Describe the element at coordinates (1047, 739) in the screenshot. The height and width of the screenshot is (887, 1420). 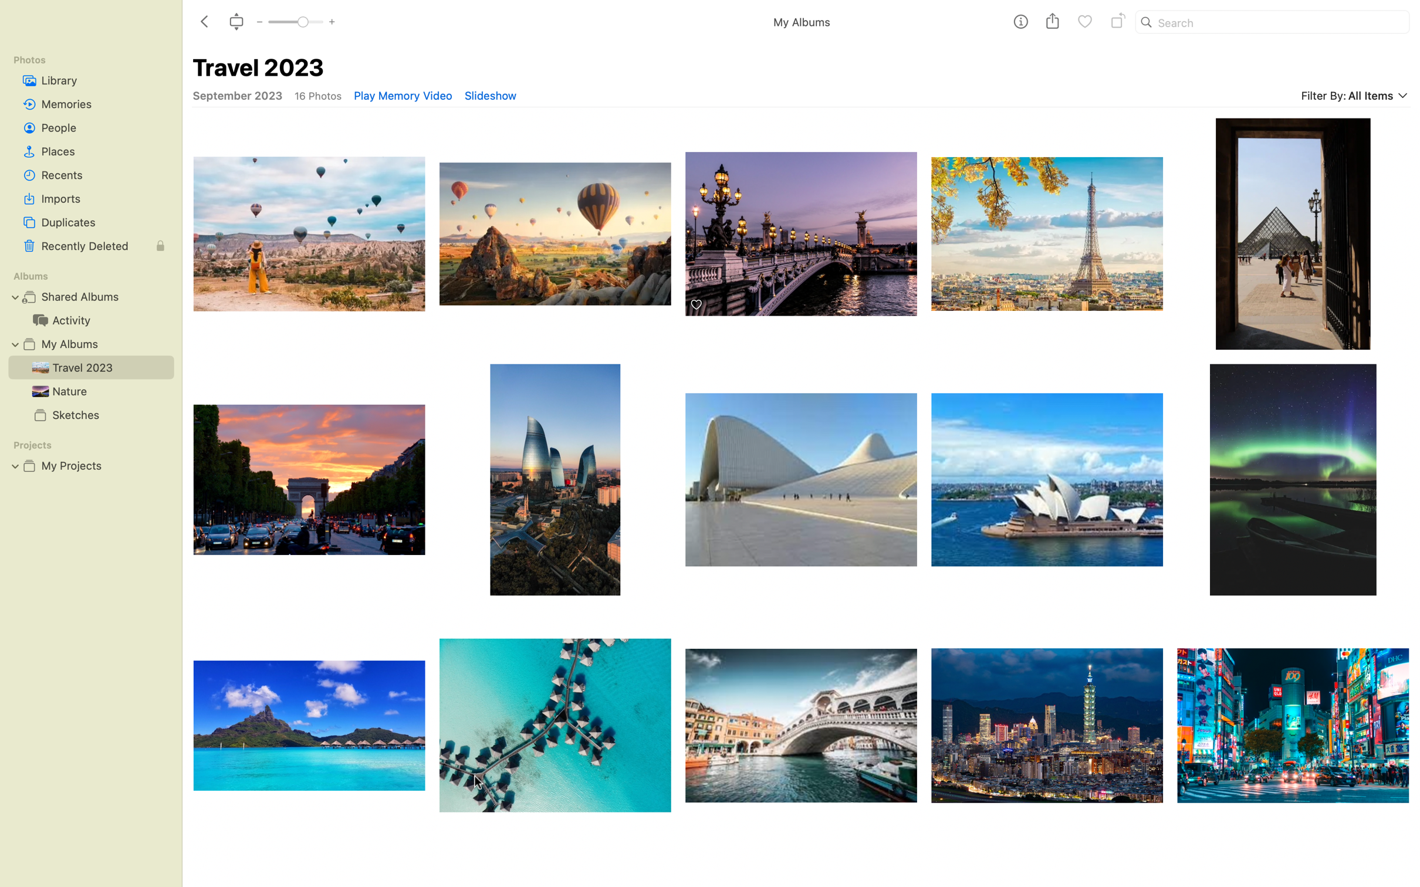
I see `the penultimate picture in the final row` at that location.